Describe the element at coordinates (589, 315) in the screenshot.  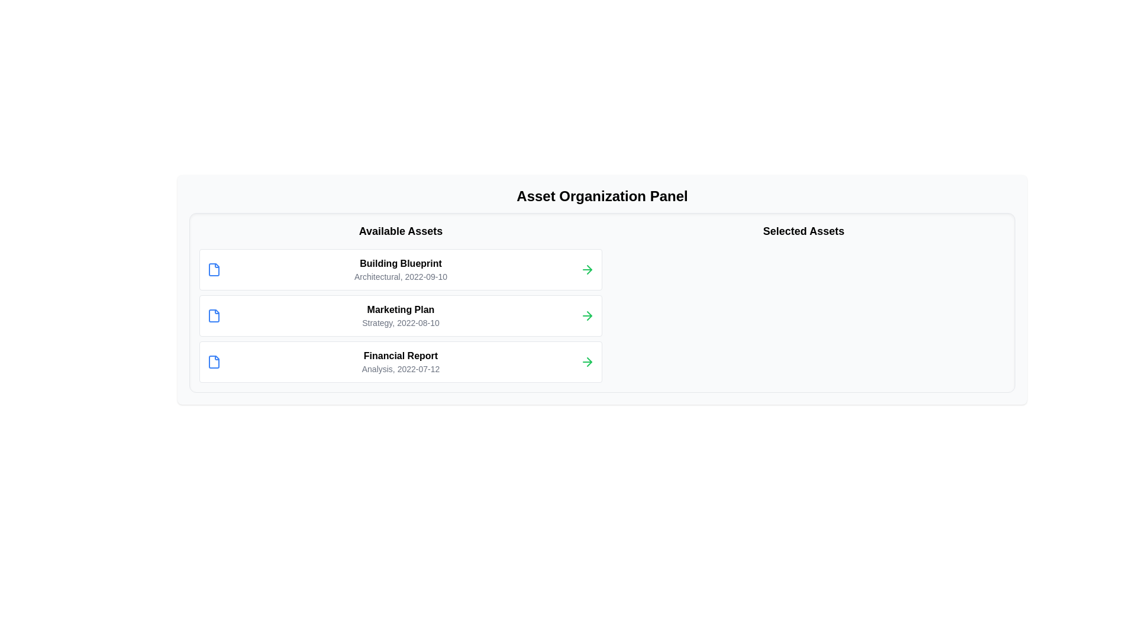
I see `the green right arrow-shaped icon located in the middle row of the 'Available Assets' panel, to the right of the 'Marketing Plan, Strategy, 2022-08-10' row` at that location.